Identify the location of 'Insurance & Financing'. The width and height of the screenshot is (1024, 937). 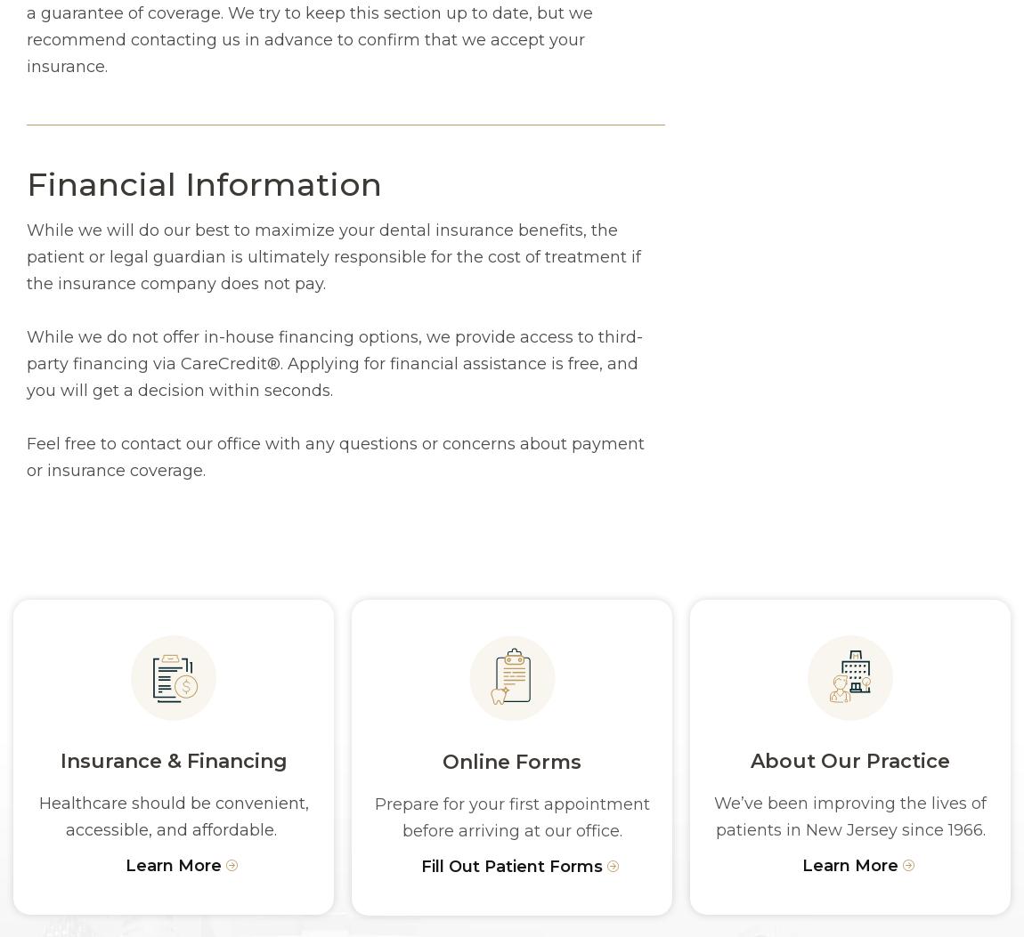
(172, 760).